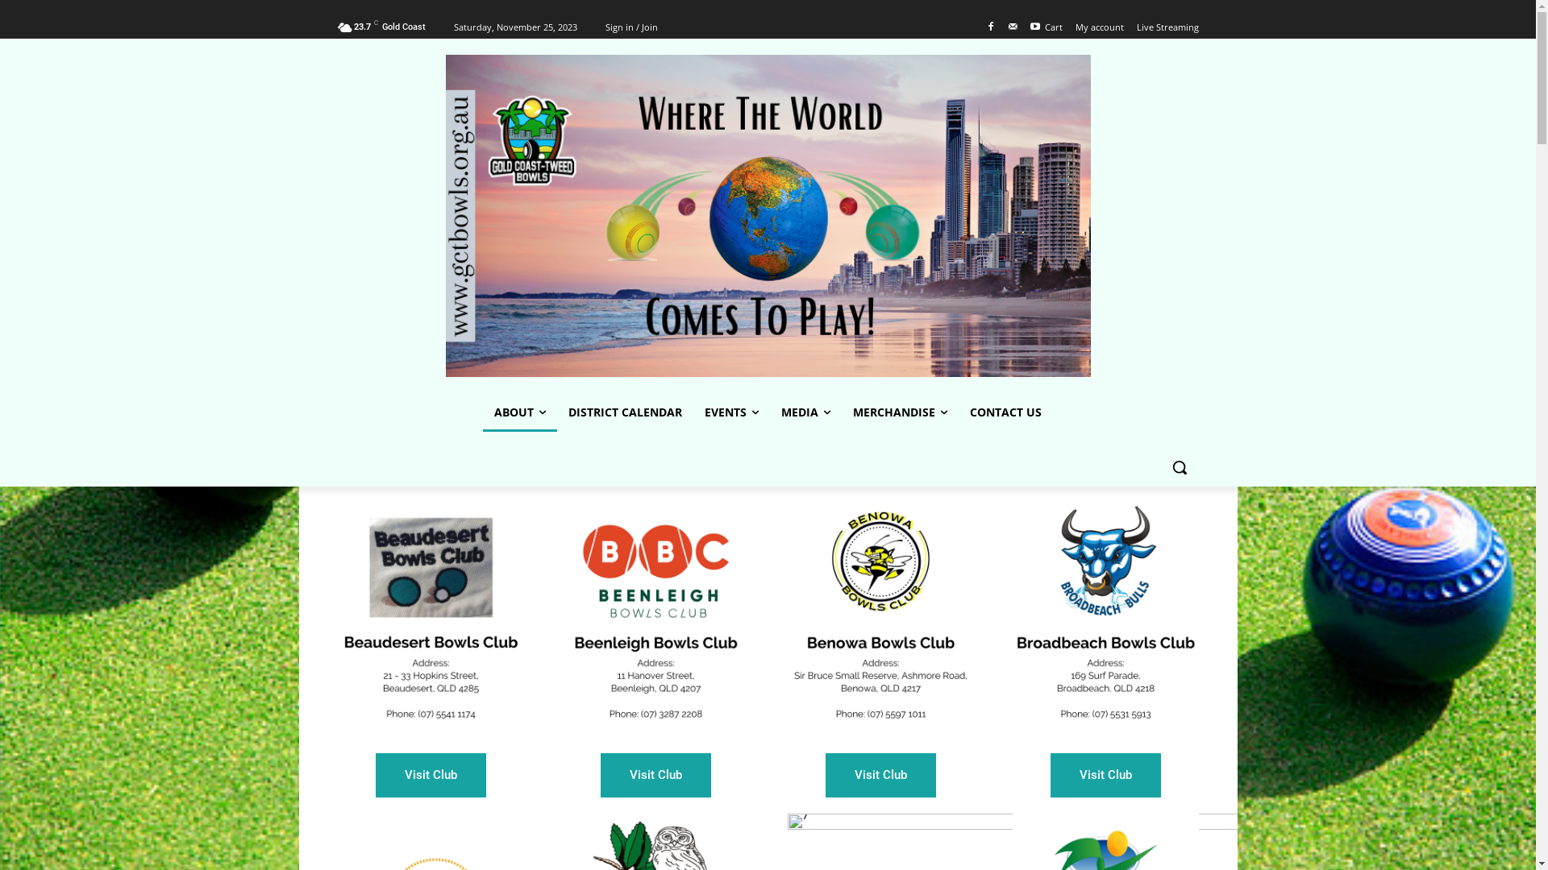 The height and width of the screenshot is (870, 1548). I want to click on 'Live Streaming', so click(1167, 27).